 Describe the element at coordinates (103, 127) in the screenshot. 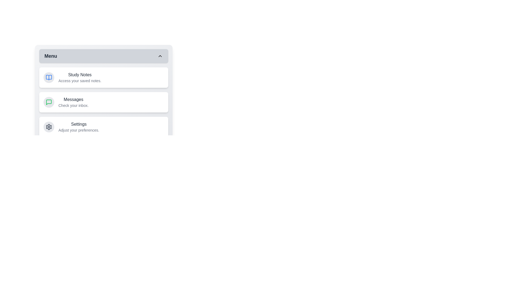

I see `the 'Settings' item in the menu` at that location.